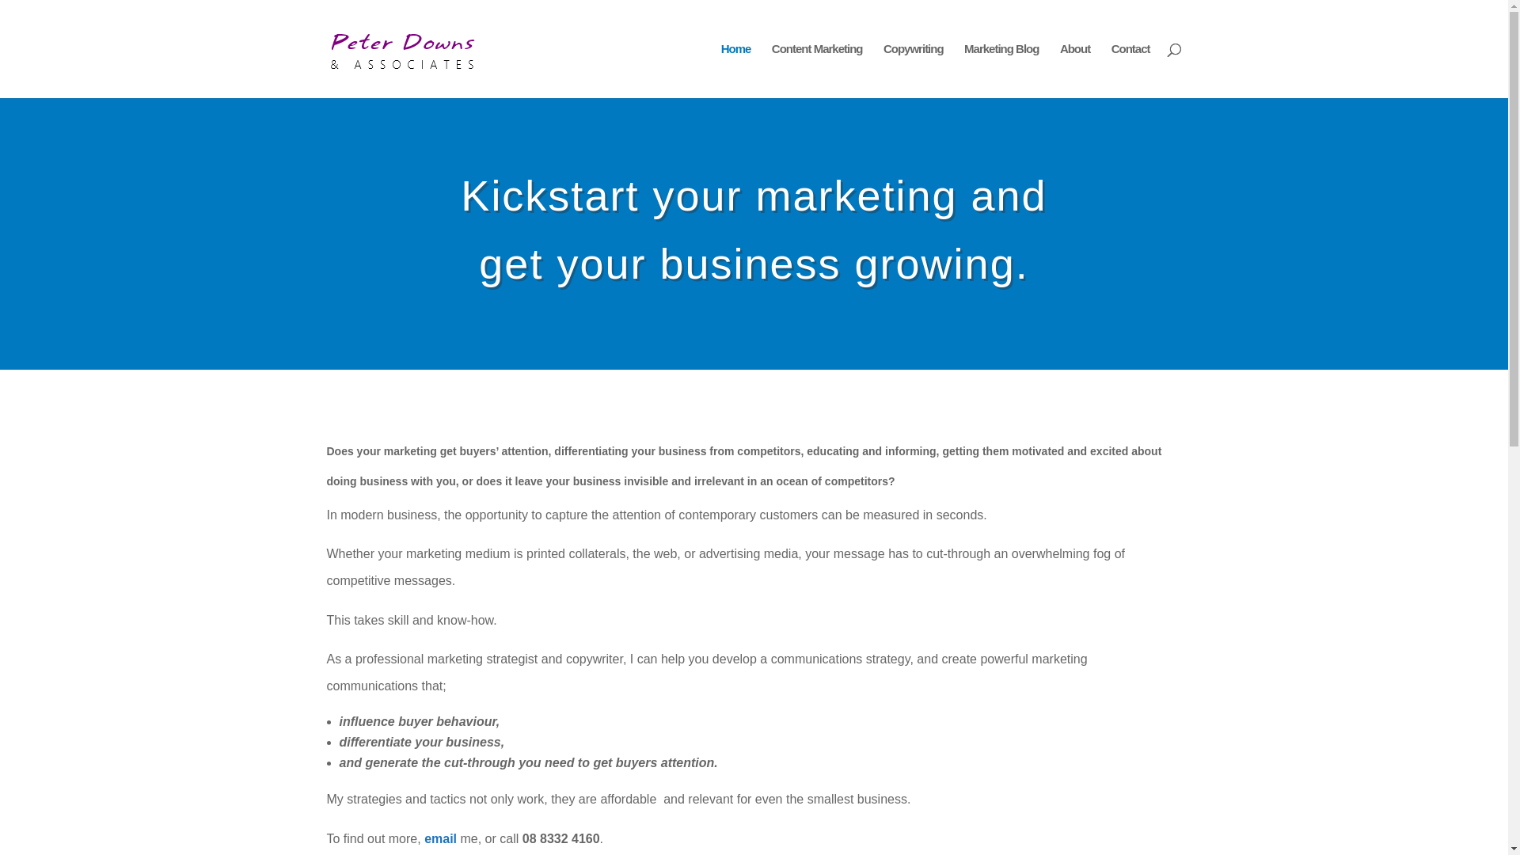 Image resolution: width=1520 pixels, height=855 pixels. What do you see at coordinates (1001, 70) in the screenshot?
I see `'Marketing Blog'` at bounding box center [1001, 70].